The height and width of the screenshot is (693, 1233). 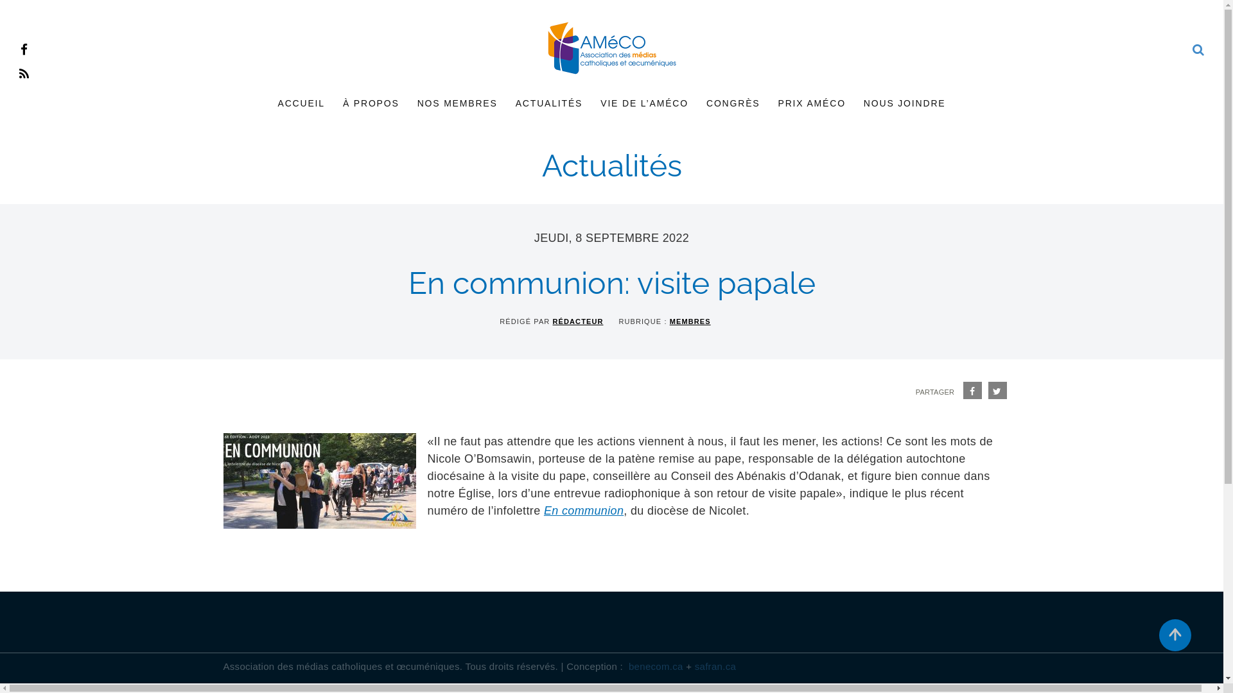 What do you see at coordinates (300, 103) in the screenshot?
I see `'ACCUEIL'` at bounding box center [300, 103].